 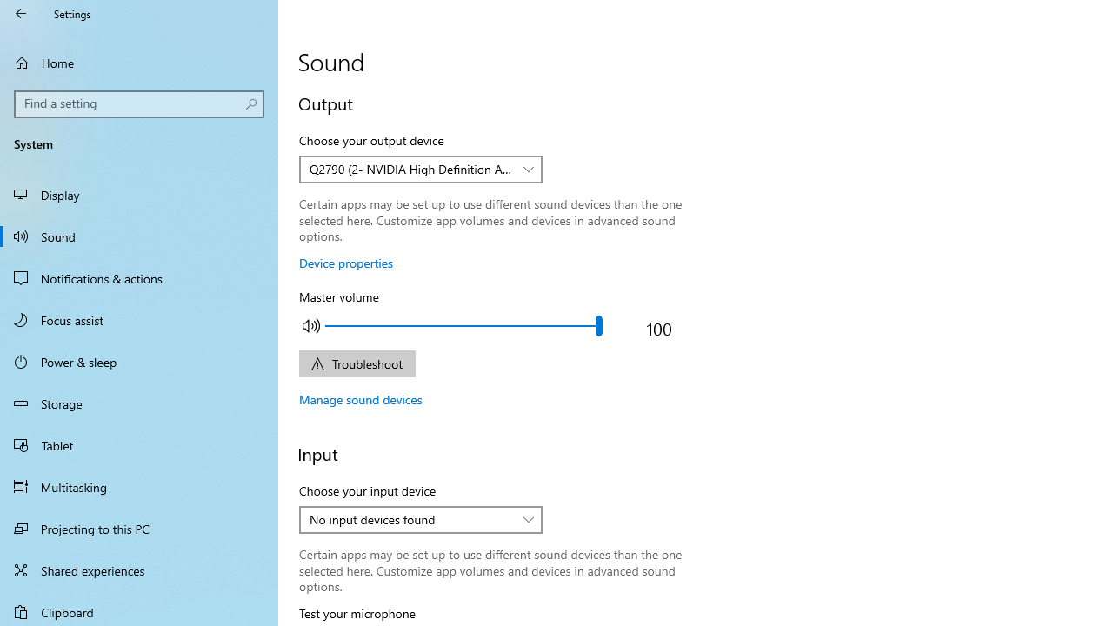 I want to click on 'Storage', so click(x=139, y=403).